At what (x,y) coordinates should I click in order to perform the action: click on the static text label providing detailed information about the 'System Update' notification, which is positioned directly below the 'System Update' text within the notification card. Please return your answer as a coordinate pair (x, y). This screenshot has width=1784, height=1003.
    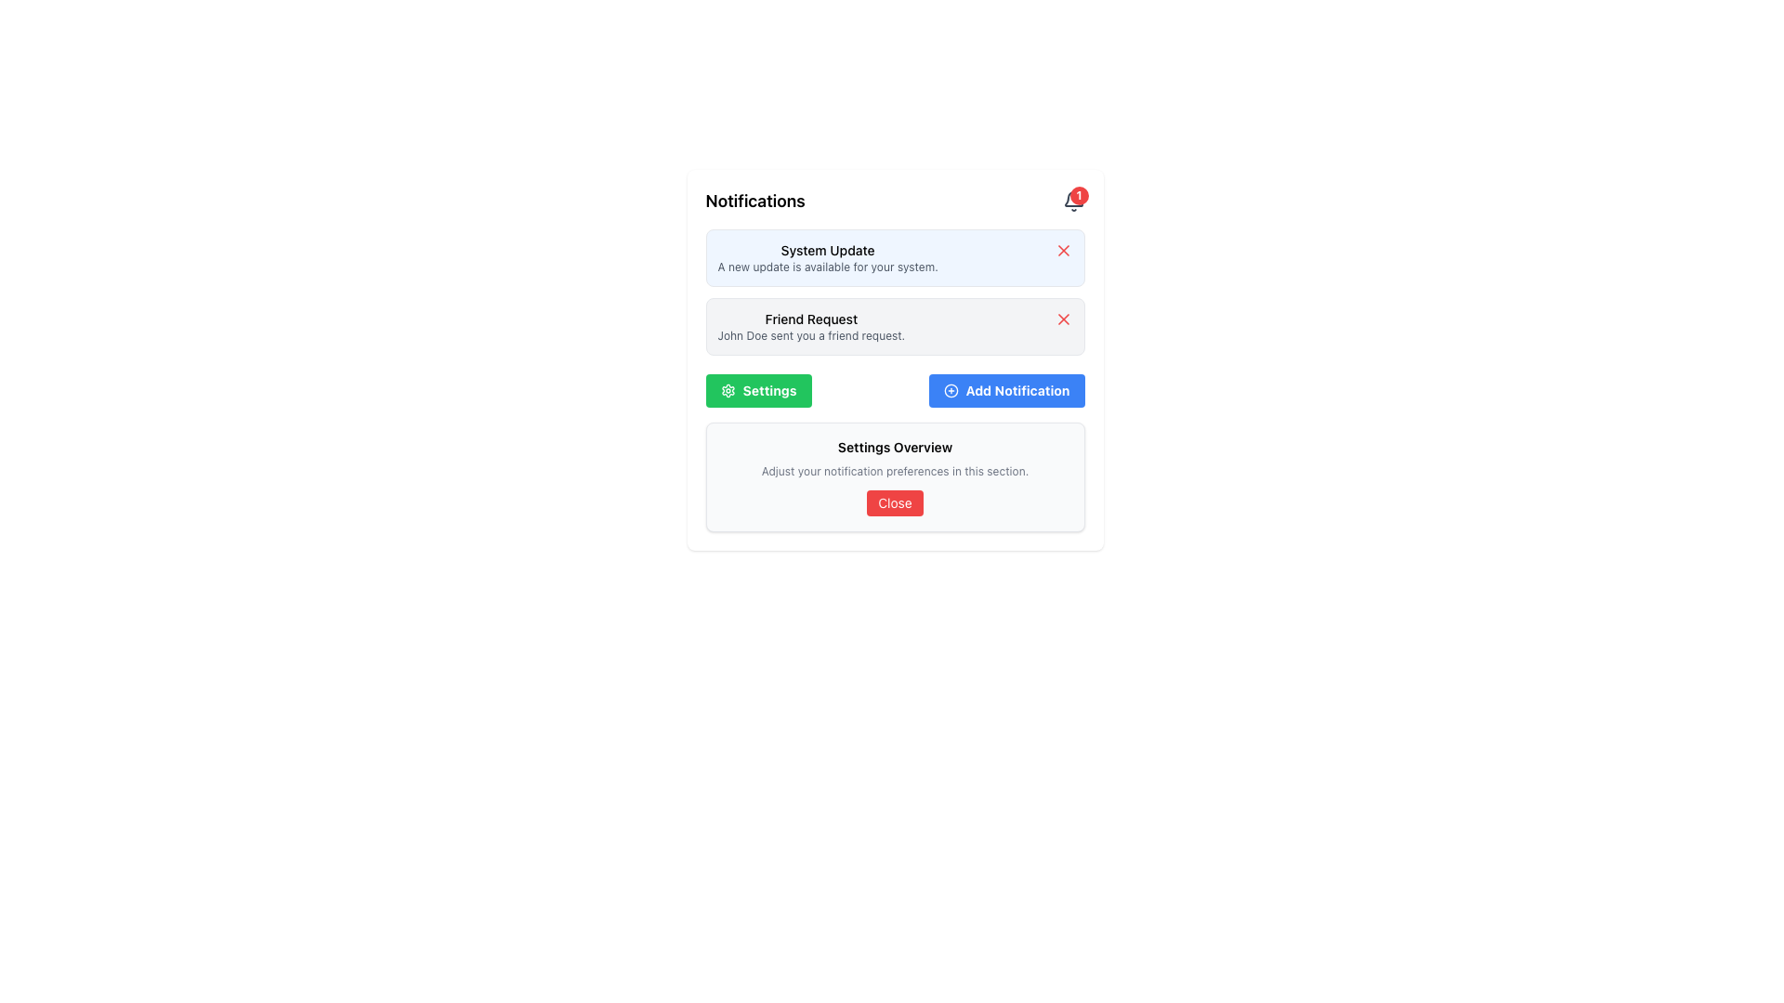
    Looking at the image, I should click on (827, 267).